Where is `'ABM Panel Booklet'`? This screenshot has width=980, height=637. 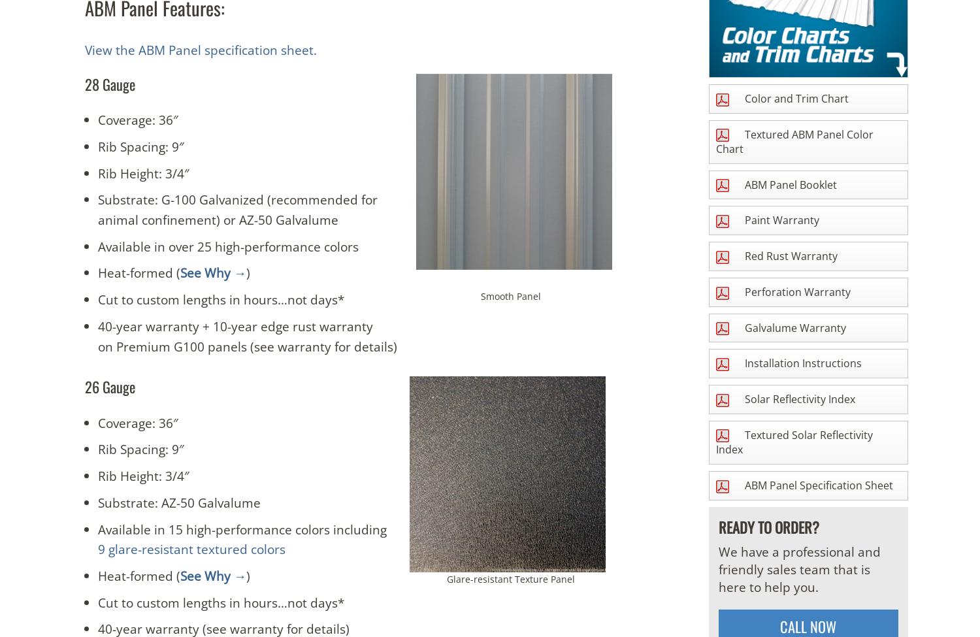 'ABM Panel Booklet' is located at coordinates (742, 184).